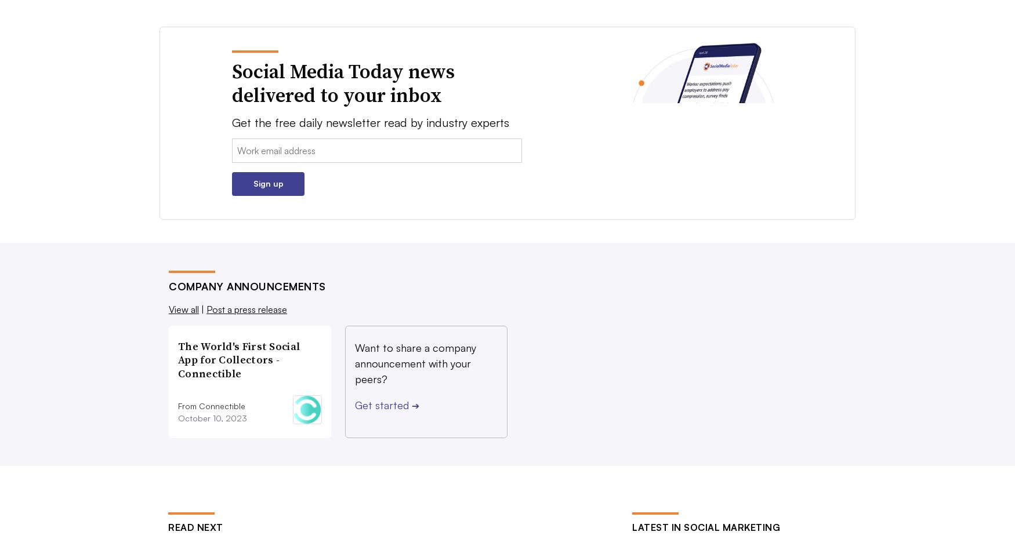  I want to click on 'Get the free daily newsletter read by industry experts', so click(231, 121).